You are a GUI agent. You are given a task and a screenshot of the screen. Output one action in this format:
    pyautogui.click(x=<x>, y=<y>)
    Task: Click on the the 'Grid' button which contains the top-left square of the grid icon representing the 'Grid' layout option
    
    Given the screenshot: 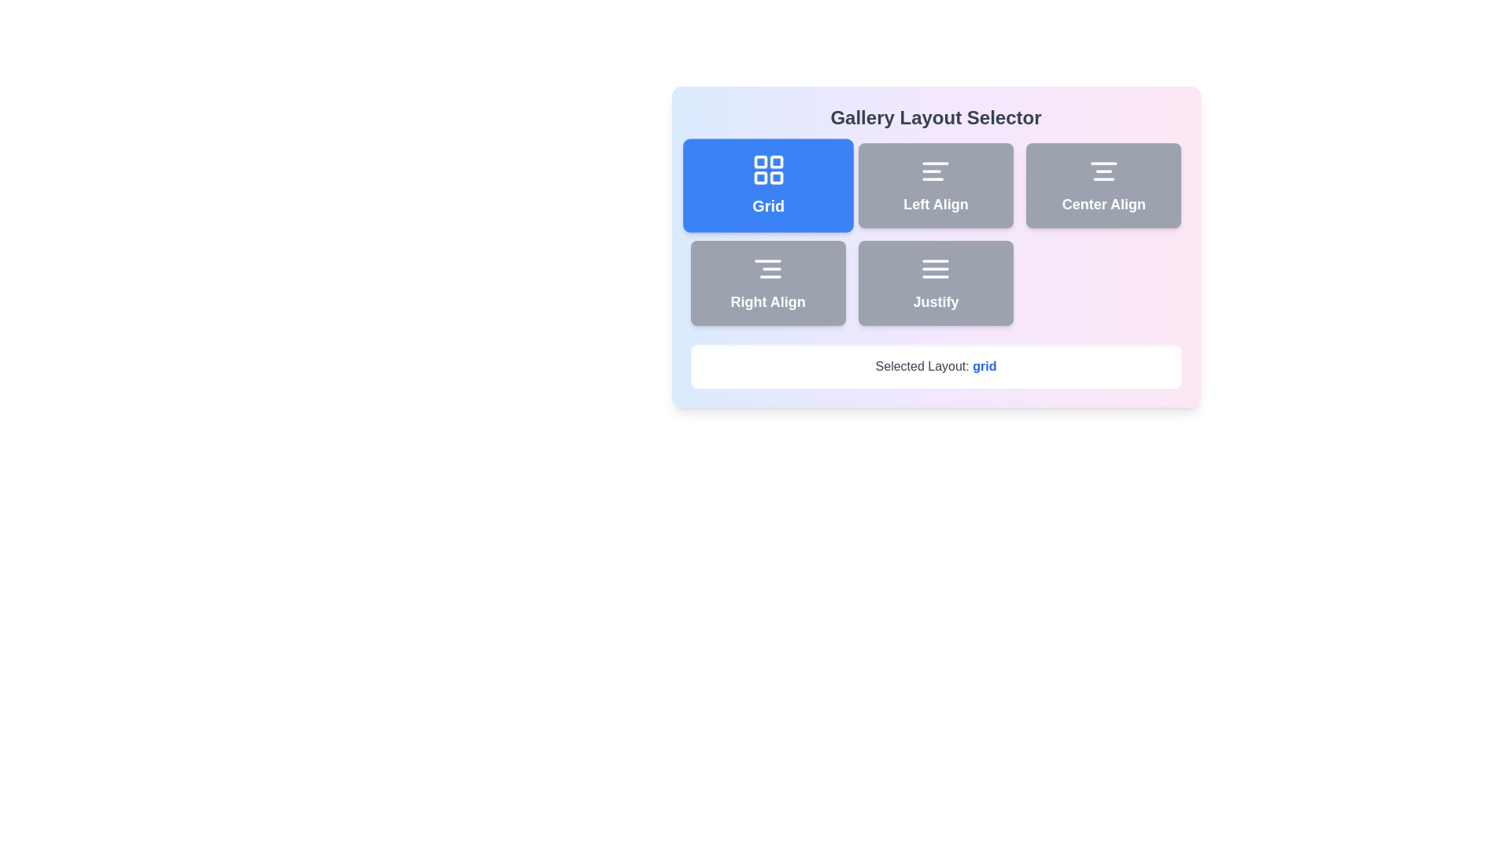 What is the action you would take?
    pyautogui.click(x=760, y=162)
    